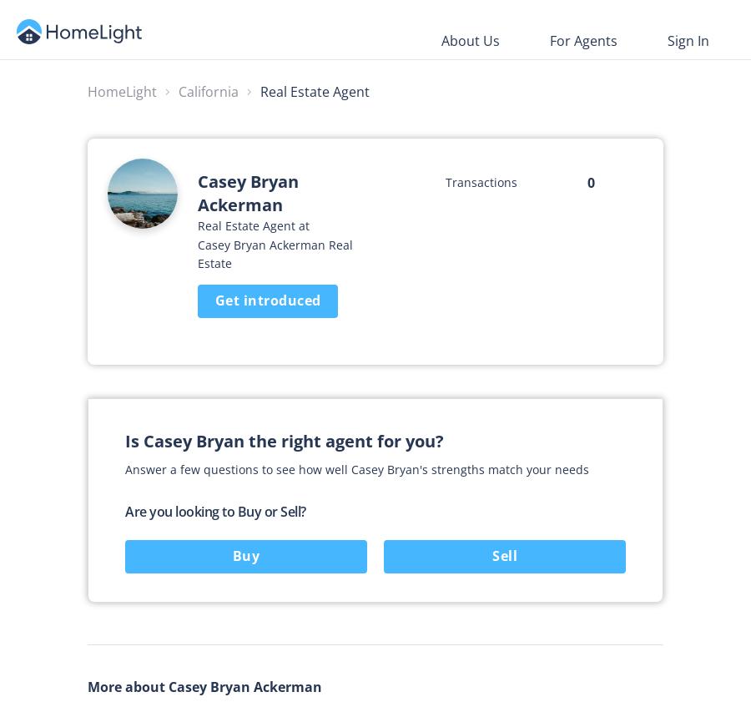 The height and width of the screenshot is (702, 751). I want to click on 'strengths match your needs', so click(508, 469).